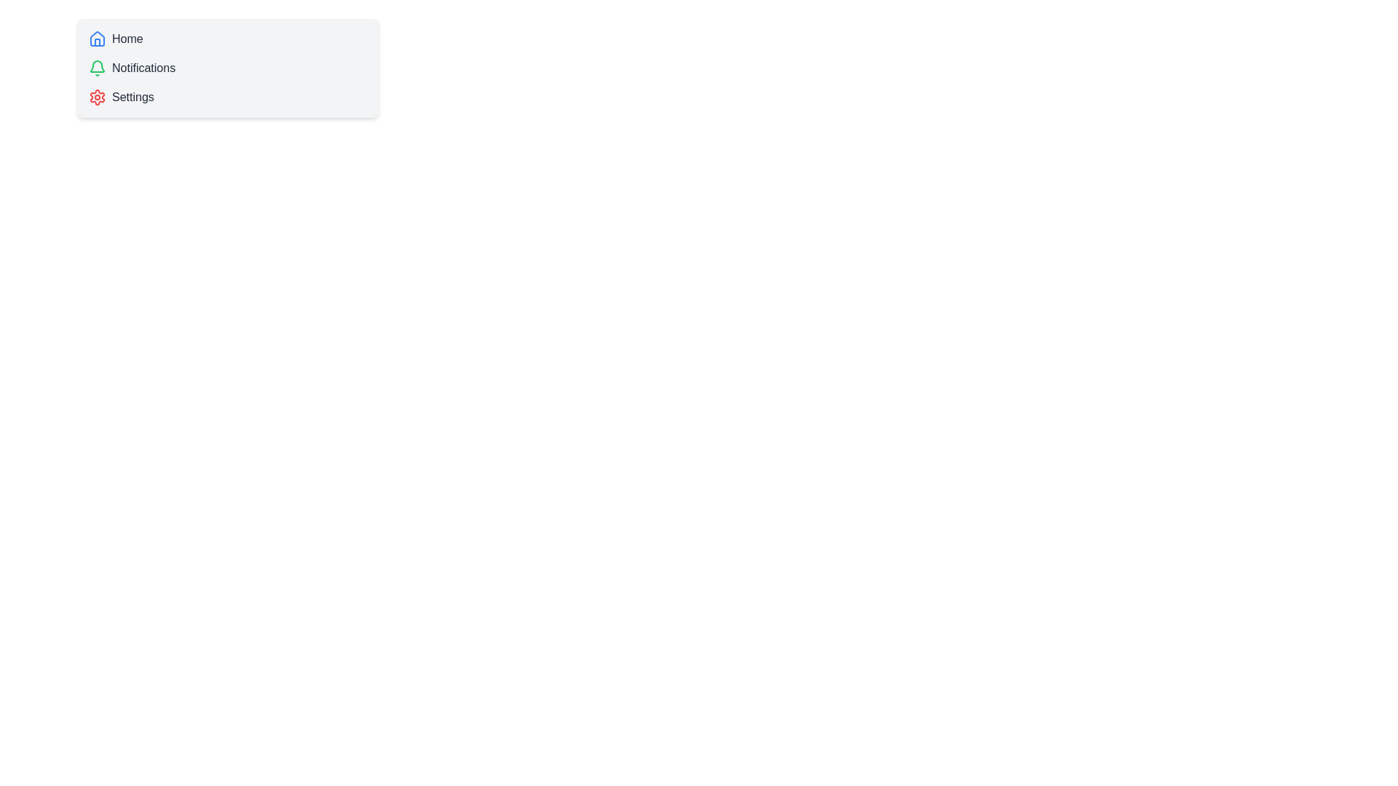  What do you see at coordinates (227, 98) in the screenshot?
I see `the third clickable list item labeled 'Settings' with a red settings icon` at bounding box center [227, 98].